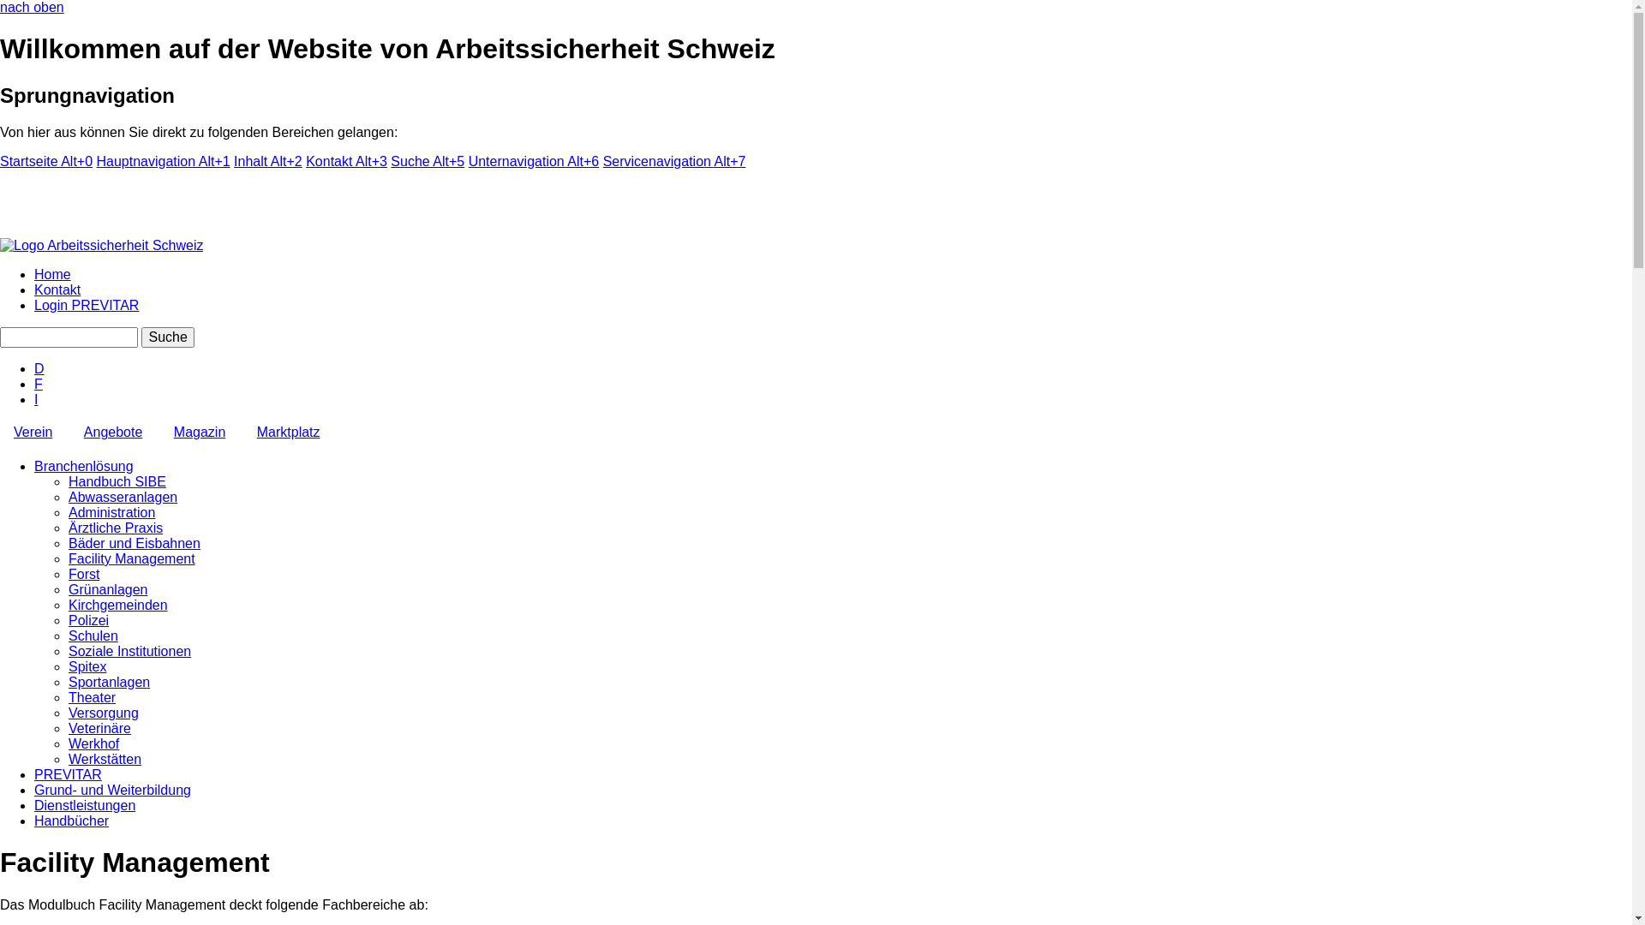 The width and height of the screenshot is (1645, 925). I want to click on 'D', so click(39, 367).